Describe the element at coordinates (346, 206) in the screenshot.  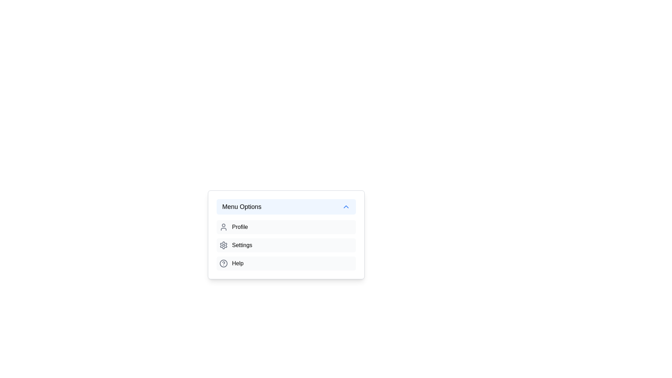
I see `the interactive icon button at the top-right corner of the menu header bar labeled 'Menu Options'` at that location.